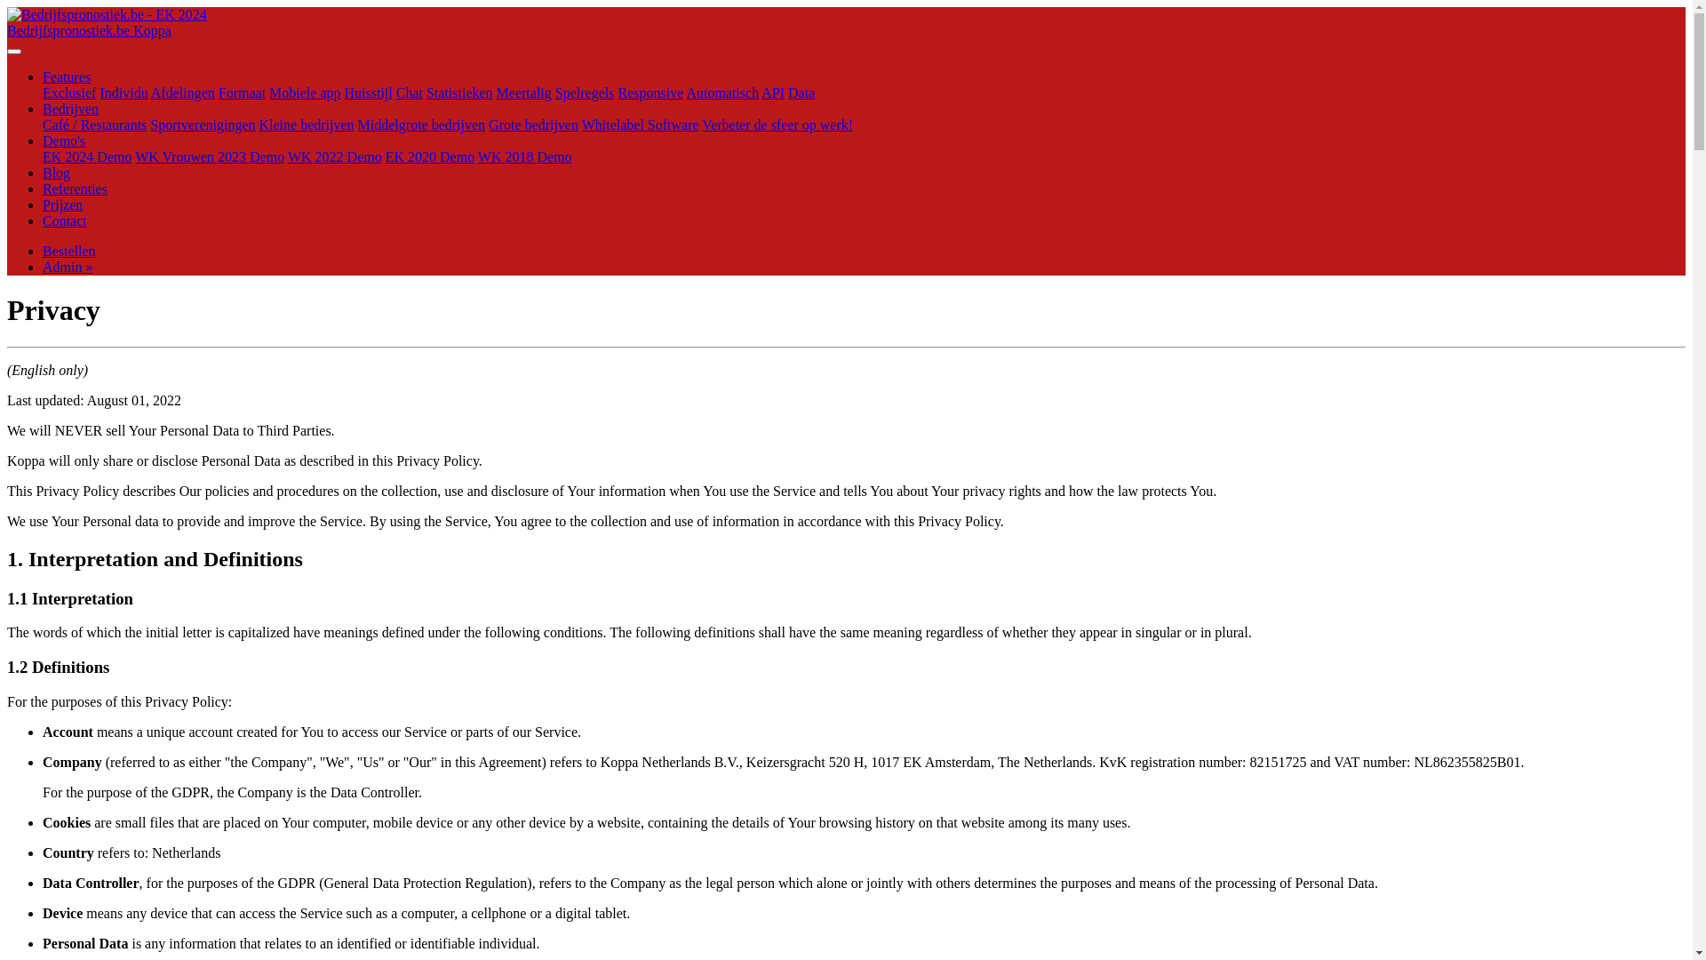 The height and width of the screenshot is (960, 1706). What do you see at coordinates (202, 124) in the screenshot?
I see `'Sportverenigingen'` at bounding box center [202, 124].